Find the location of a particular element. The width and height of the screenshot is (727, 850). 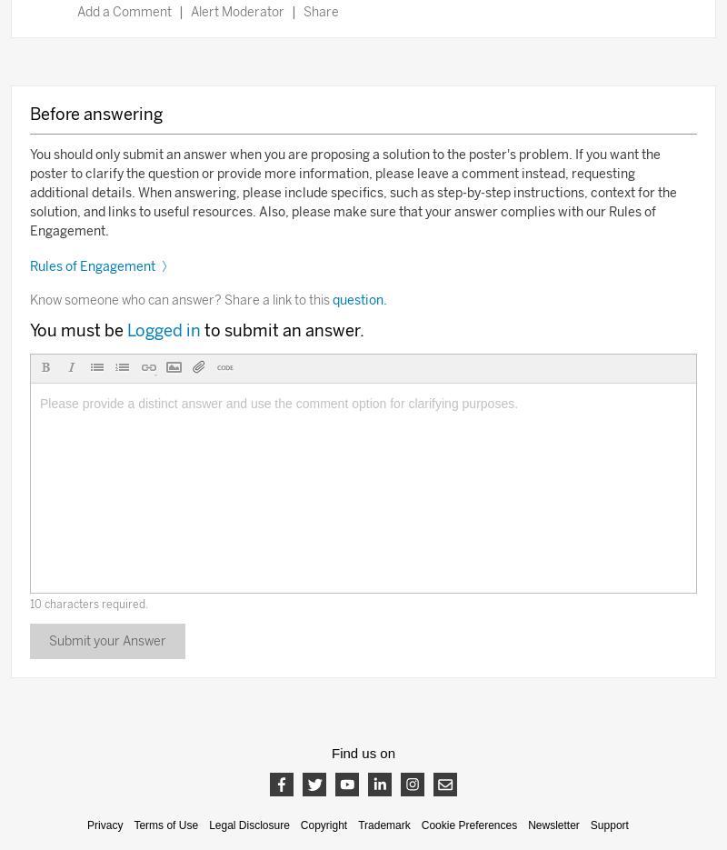

'Please provide a distinct answer and use the comment option for clarifying purposes.' is located at coordinates (278, 402).